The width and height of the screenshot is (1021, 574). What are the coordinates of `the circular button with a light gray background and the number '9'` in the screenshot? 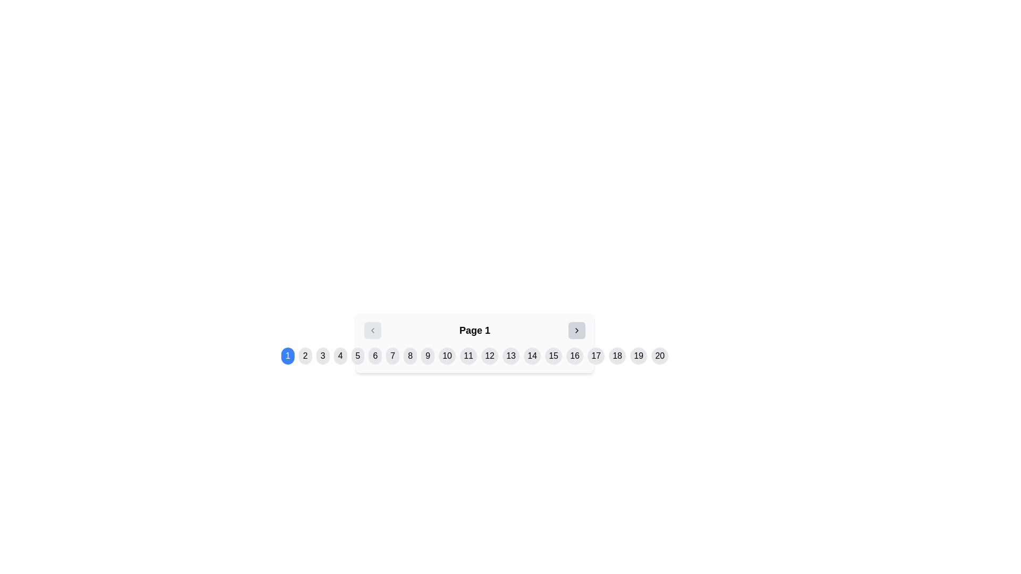 It's located at (428, 356).